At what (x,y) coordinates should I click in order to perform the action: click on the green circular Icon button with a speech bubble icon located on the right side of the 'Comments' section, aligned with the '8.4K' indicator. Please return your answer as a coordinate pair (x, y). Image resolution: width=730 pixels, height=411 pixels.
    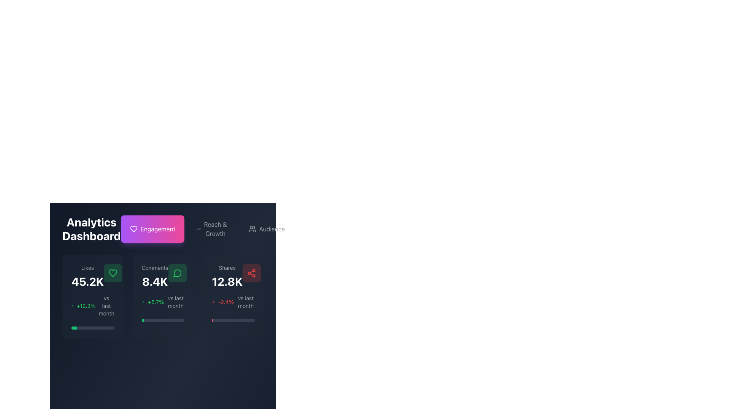
    Looking at the image, I should click on (177, 272).